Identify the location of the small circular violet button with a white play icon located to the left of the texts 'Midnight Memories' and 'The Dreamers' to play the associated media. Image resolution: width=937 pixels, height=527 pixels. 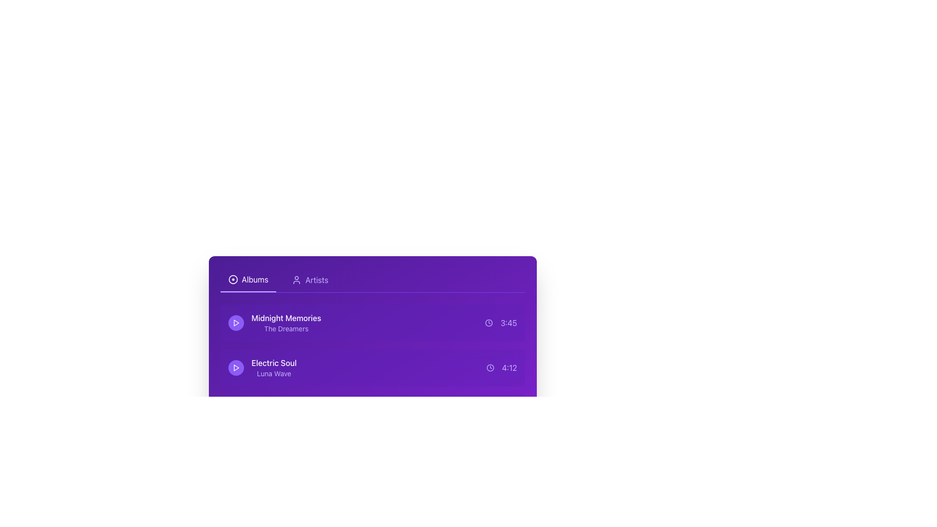
(236, 323).